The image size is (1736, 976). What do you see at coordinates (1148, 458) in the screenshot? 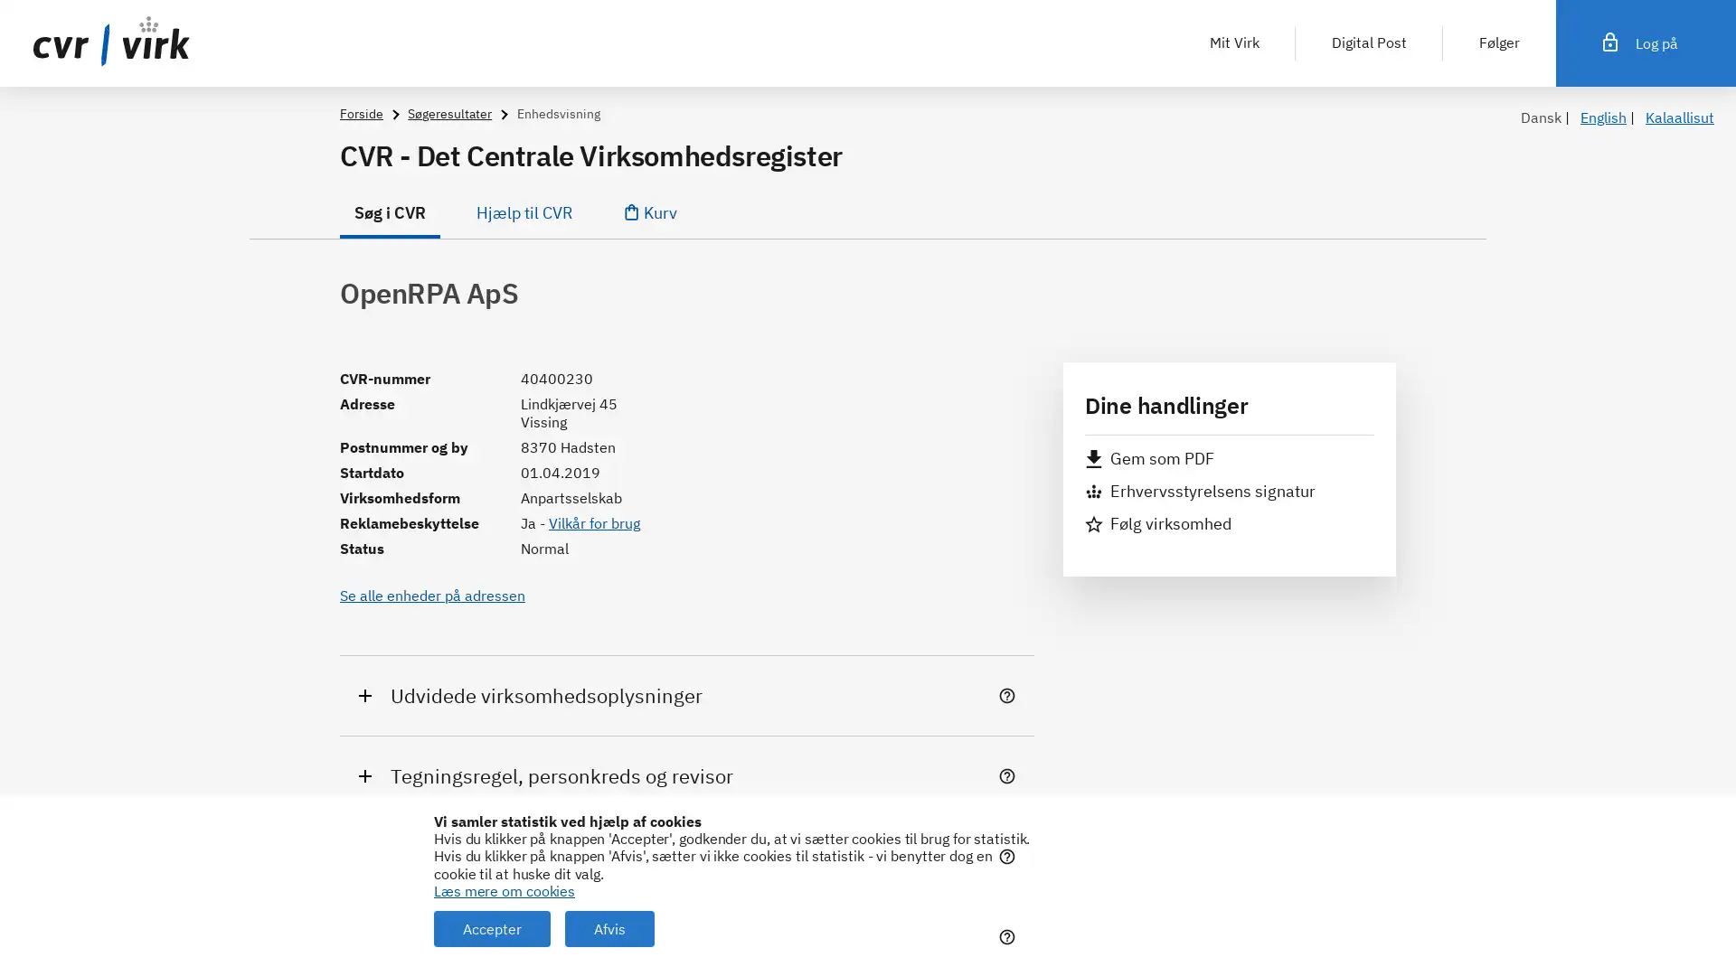
I see `Gem som PDF` at bounding box center [1148, 458].